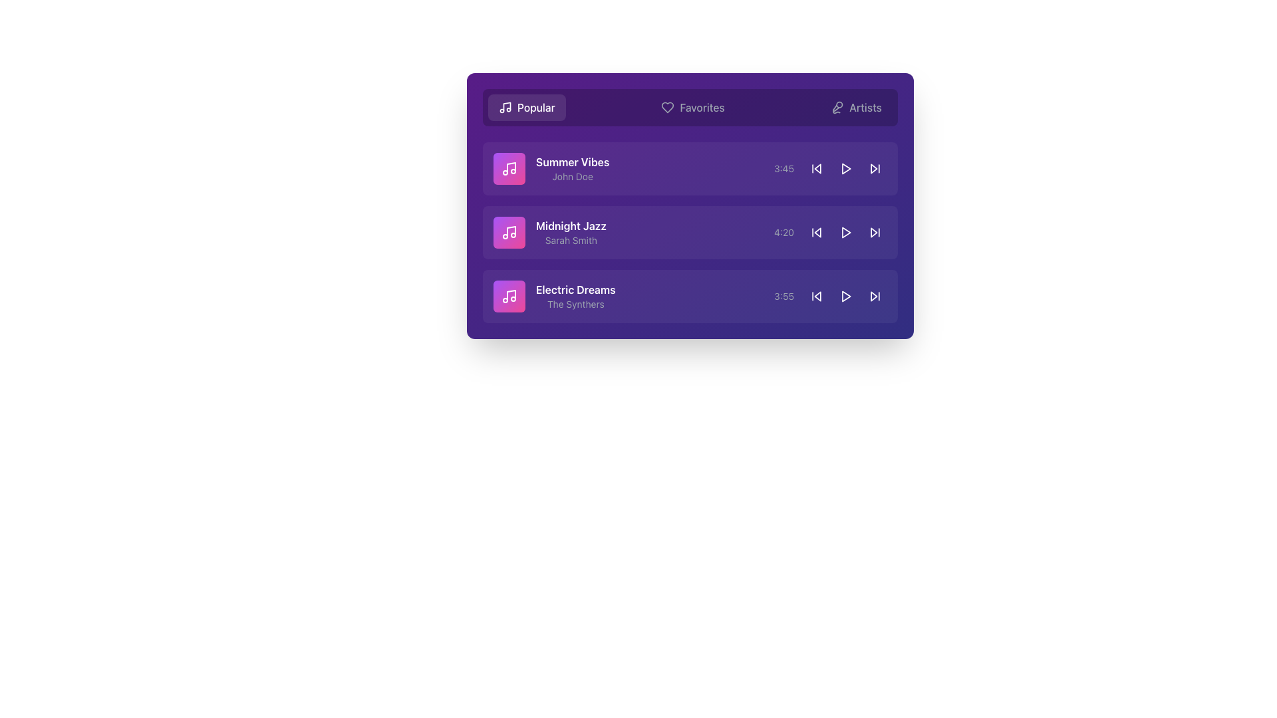  Describe the element at coordinates (845, 232) in the screenshot. I see `the triangular play button styled as a right-pointing triangle, located in the 'Midnight Jazz' music entry, to play the track` at that location.